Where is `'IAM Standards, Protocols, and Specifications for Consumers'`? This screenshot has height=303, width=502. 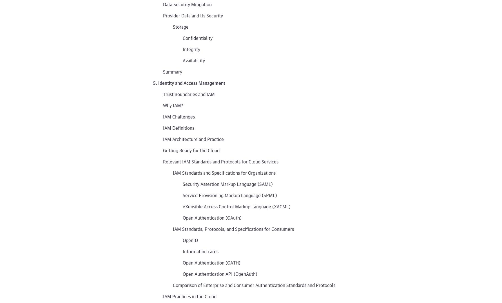 'IAM Standards, Protocols, and Specifications for Consumers' is located at coordinates (233, 228).